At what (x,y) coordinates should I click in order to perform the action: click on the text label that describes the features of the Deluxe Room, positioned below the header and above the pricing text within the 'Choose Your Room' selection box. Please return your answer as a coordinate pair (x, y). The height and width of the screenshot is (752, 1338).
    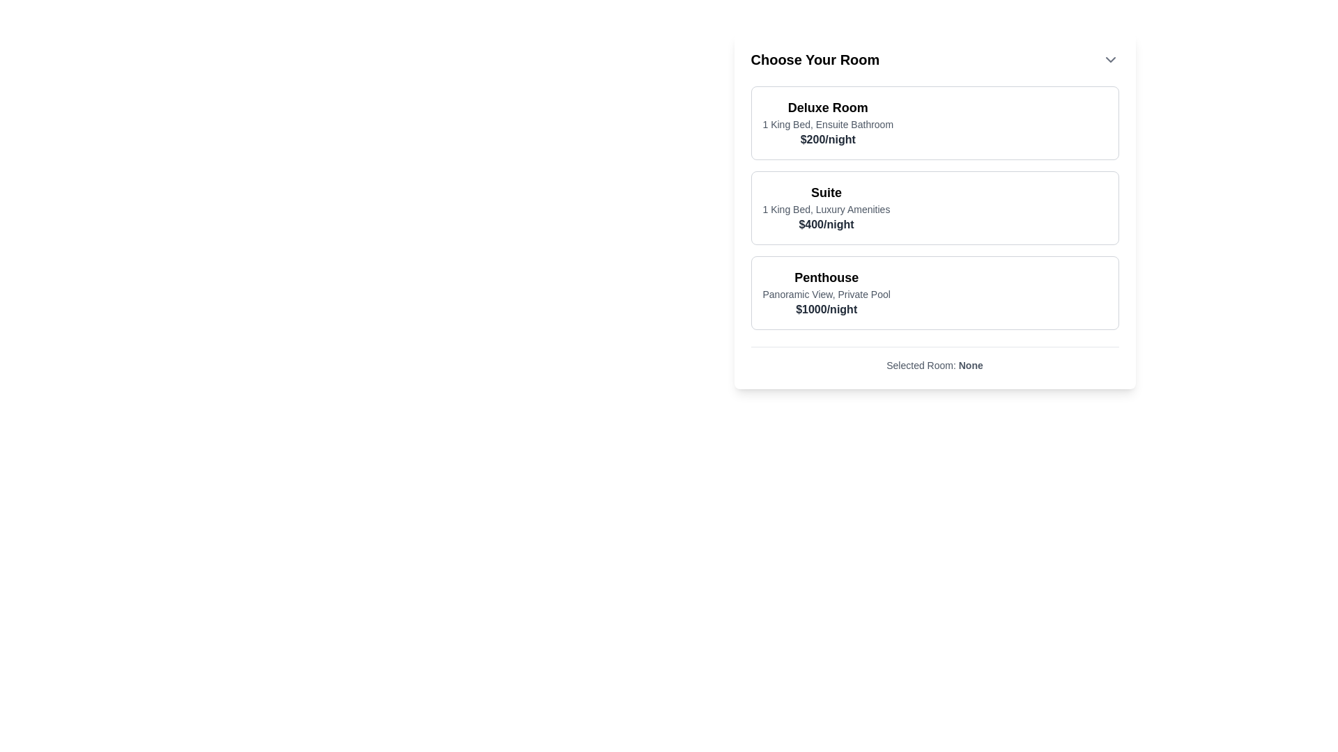
    Looking at the image, I should click on (828, 123).